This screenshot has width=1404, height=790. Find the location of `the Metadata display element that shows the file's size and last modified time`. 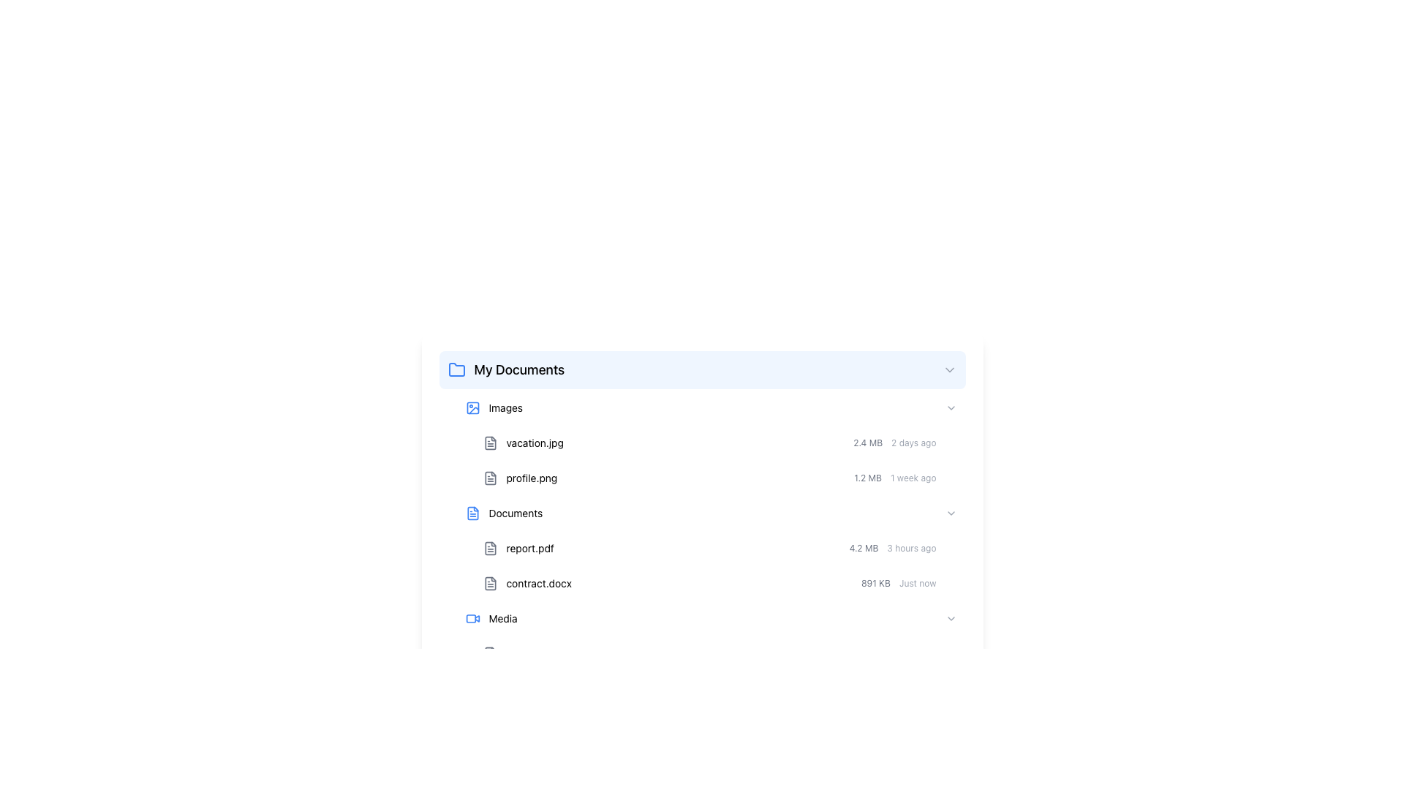

the Metadata display element that shows the file's size and last modified time is located at coordinates (905, 653).